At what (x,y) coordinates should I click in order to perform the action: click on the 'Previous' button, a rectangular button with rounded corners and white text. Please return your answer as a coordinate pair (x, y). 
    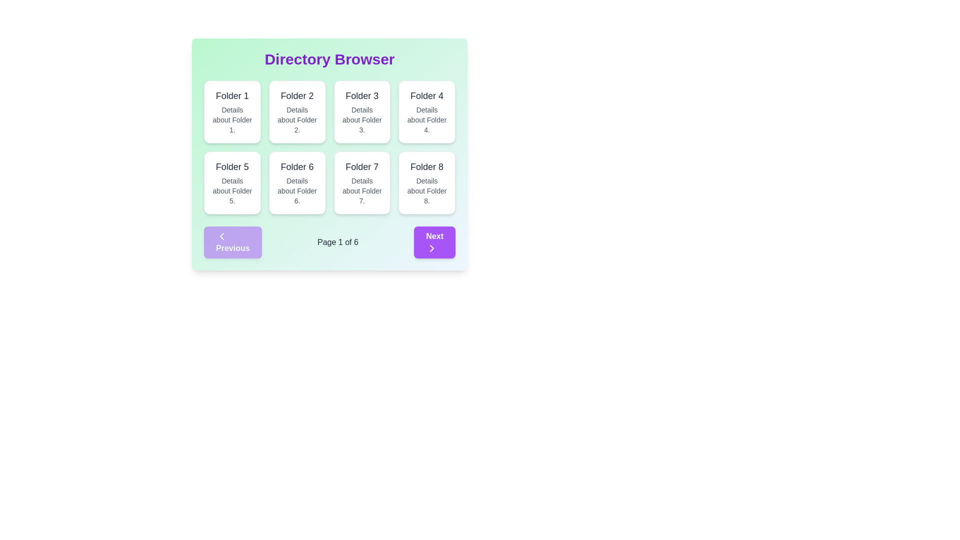
    Looking at the image, I should click on (232, 242).